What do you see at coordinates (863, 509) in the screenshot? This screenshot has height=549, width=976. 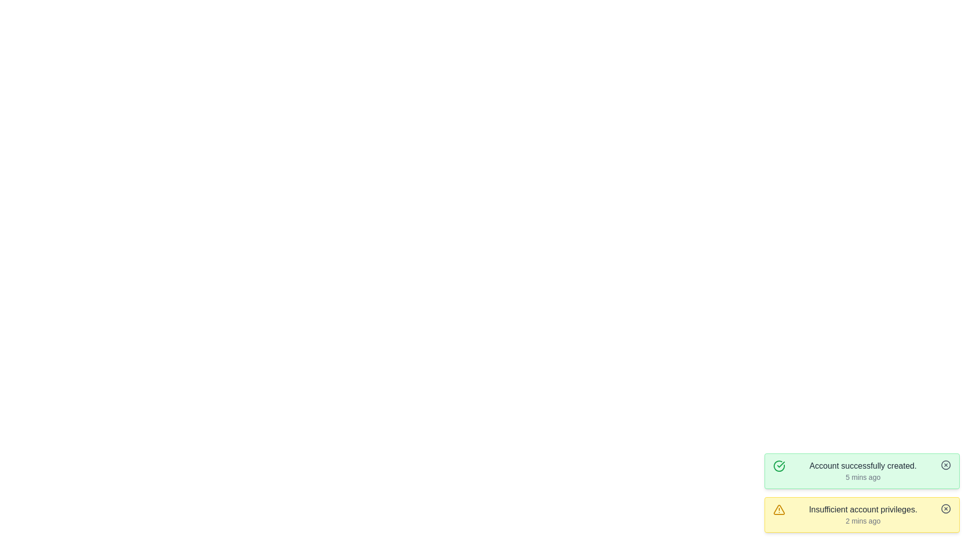 I see `the text label displaying 'Insufficient account privileges.' within the yellow notification card located at the lower-right portion of the interface` at bounding box center [863, 509].